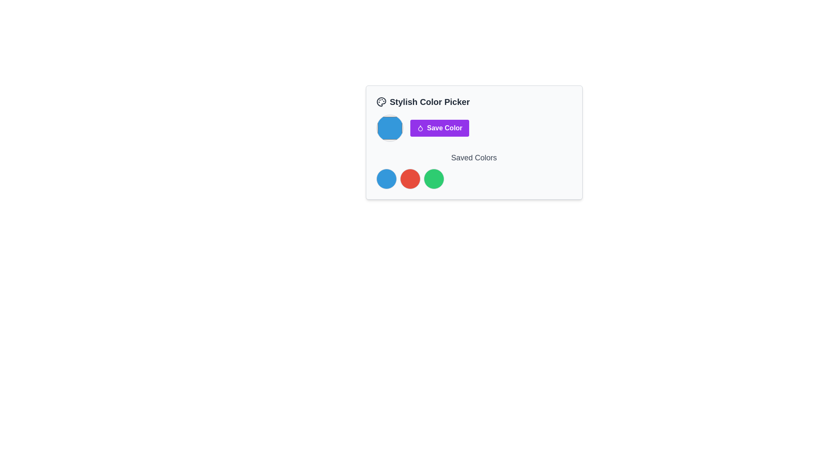 The width and height of the screenshot is (813, 457). I want to click on the blue circular color representation element with a thin gray border, located, so click(386, 179).